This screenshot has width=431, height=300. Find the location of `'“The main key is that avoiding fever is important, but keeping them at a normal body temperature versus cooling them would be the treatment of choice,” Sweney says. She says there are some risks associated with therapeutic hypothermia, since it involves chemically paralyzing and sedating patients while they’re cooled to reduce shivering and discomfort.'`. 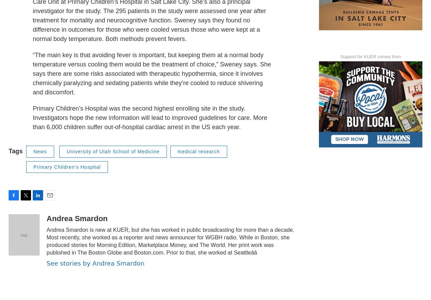

'“The main key is that avoiding fever is important, but keeping them at a normal body temperature versus cooling them would be the treatment of choice,” Sweney says. She says there are some risks associated with therapeutic hypothermia, since it involves chemically paralyzing and sedating patients while they’re cooled to reduce shivering and discomfort.' is located at coordinates (151, 89).